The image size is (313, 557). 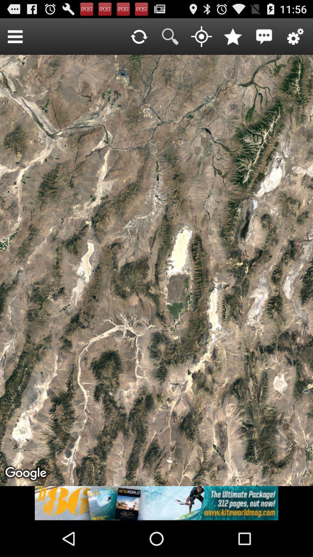 What do you see at coordinates (15, 36) in the screenshot?
I see `icon at the top left corner` at bounding box center [15, 36].